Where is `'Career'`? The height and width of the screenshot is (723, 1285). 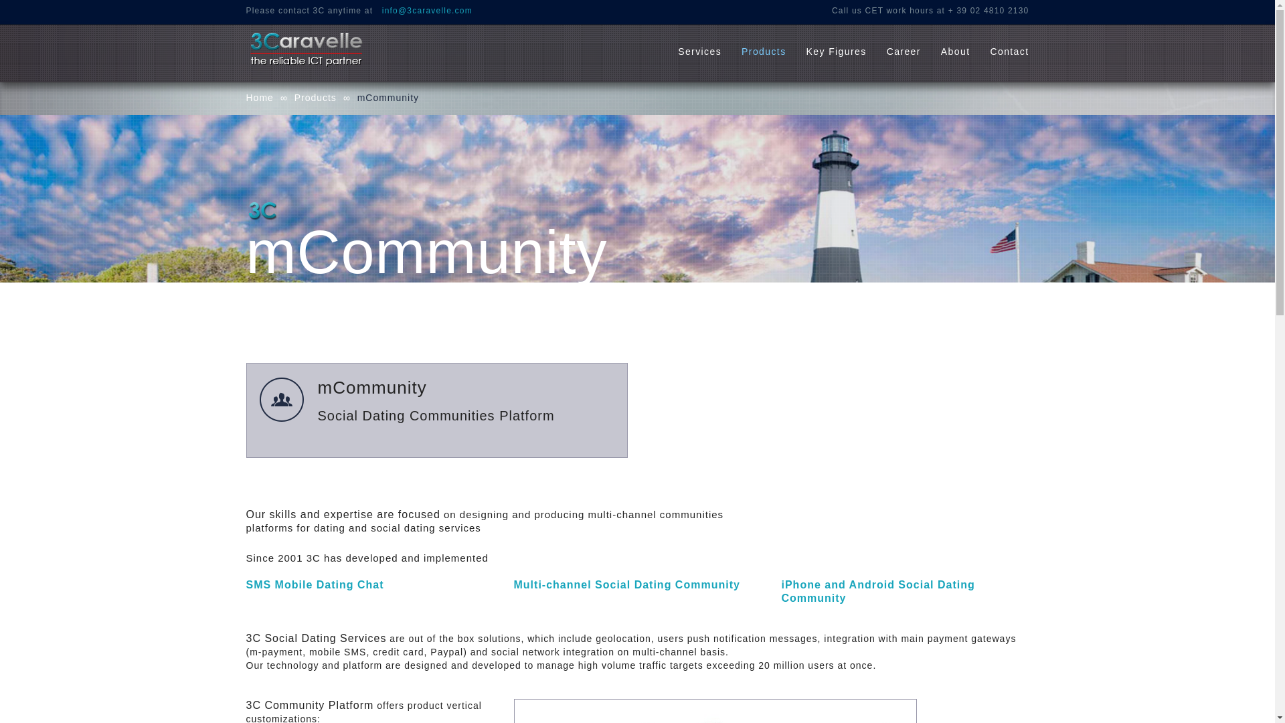
'Career' is located at coordinates (904, 50).